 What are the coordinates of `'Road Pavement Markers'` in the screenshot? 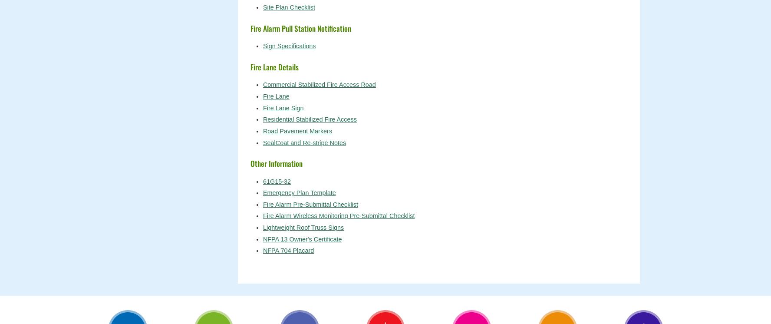 It's located at (297, 131).